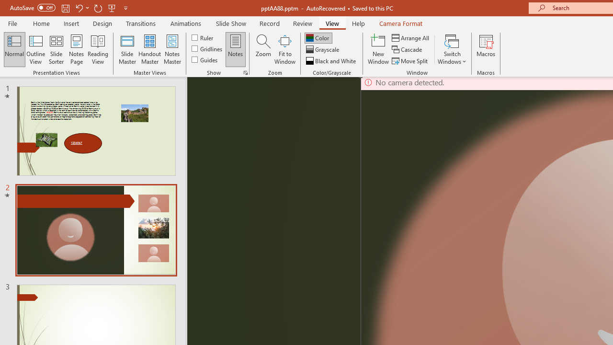 This screenshot has height=345, width=613. What do you see at coordinates (65, 8) in the screenshot?
I see `'Save'` at bounding box center [65, 8].